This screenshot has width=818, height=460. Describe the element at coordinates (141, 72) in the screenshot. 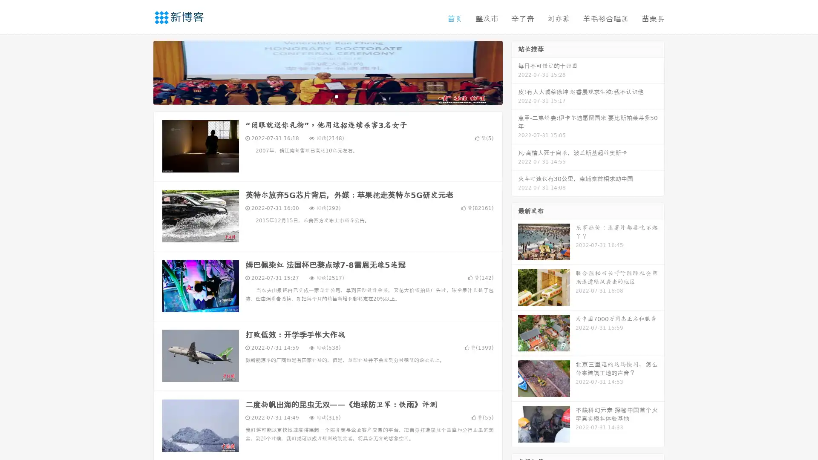

I see `Previous slide` at that location.